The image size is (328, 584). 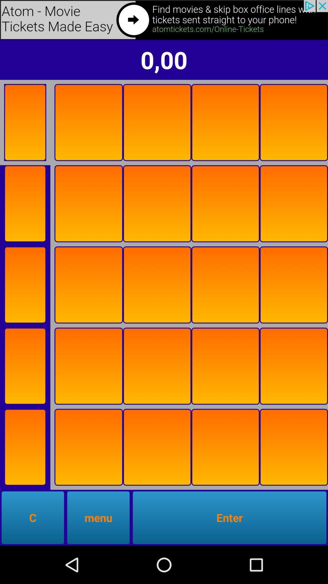 I want to click on flip card, so click(x=25, y=366).